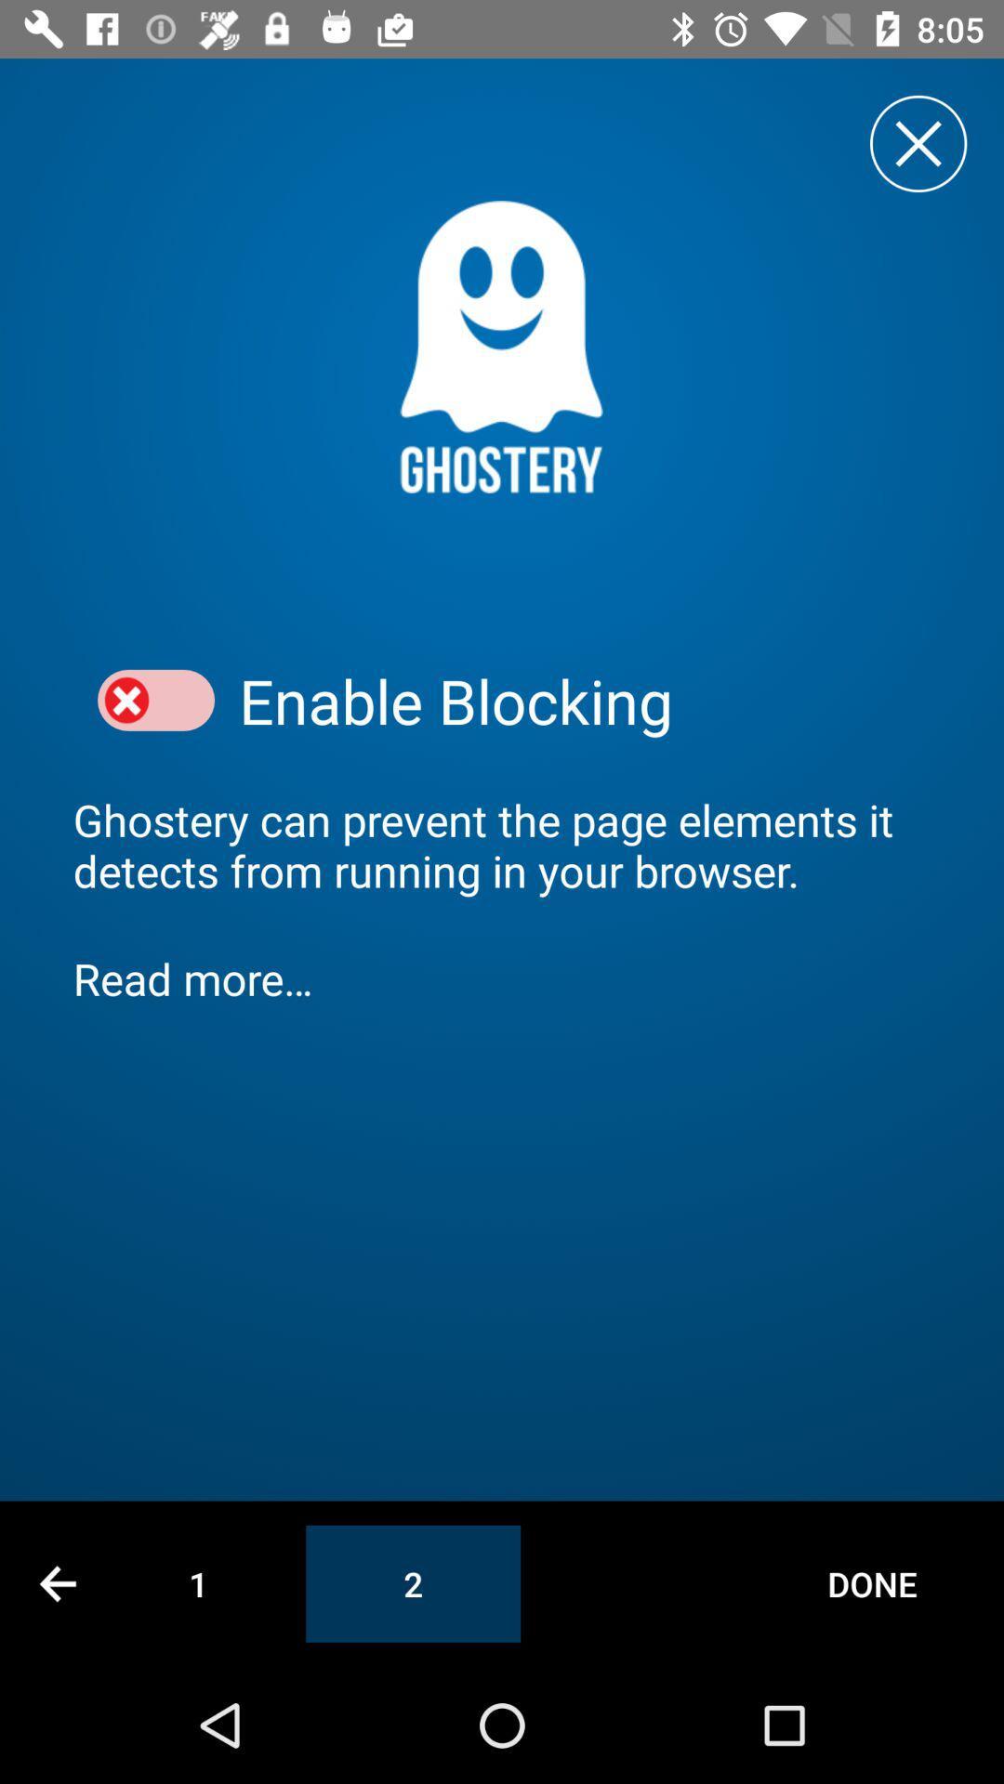 This screenshot has width=1004, height=1784. What do you see at coordinates (155, 700) in the screenshot?
I see `icon next to the enable blocking item` at bounding box center [155, 700].